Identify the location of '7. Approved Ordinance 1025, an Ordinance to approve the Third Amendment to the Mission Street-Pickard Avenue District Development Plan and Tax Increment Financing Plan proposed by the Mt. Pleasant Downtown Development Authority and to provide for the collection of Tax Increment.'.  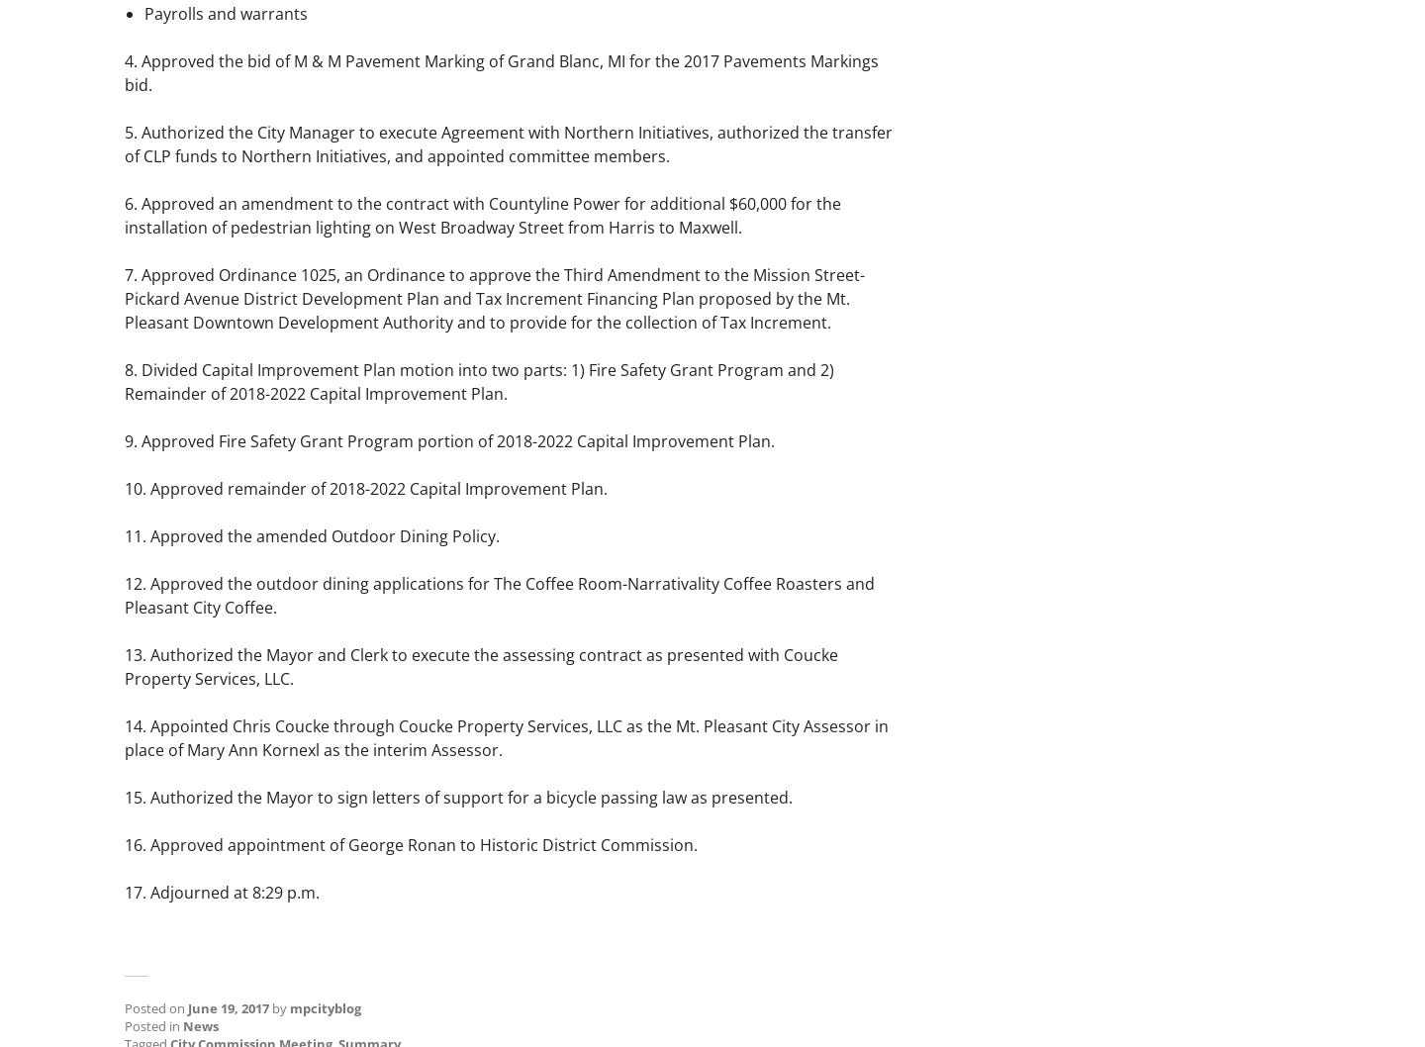
(493, 297).